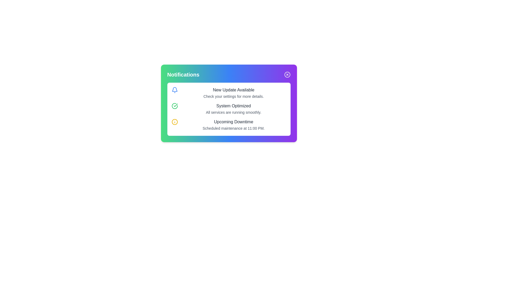 This screenshot has height=287, width=510. What do you see at coordinates (287, 75) in the screenshot?
I see `Circle graphic SVG element located in the top-right corner of the notifications panel for debugging purposes` at bounding box center [287, 75].